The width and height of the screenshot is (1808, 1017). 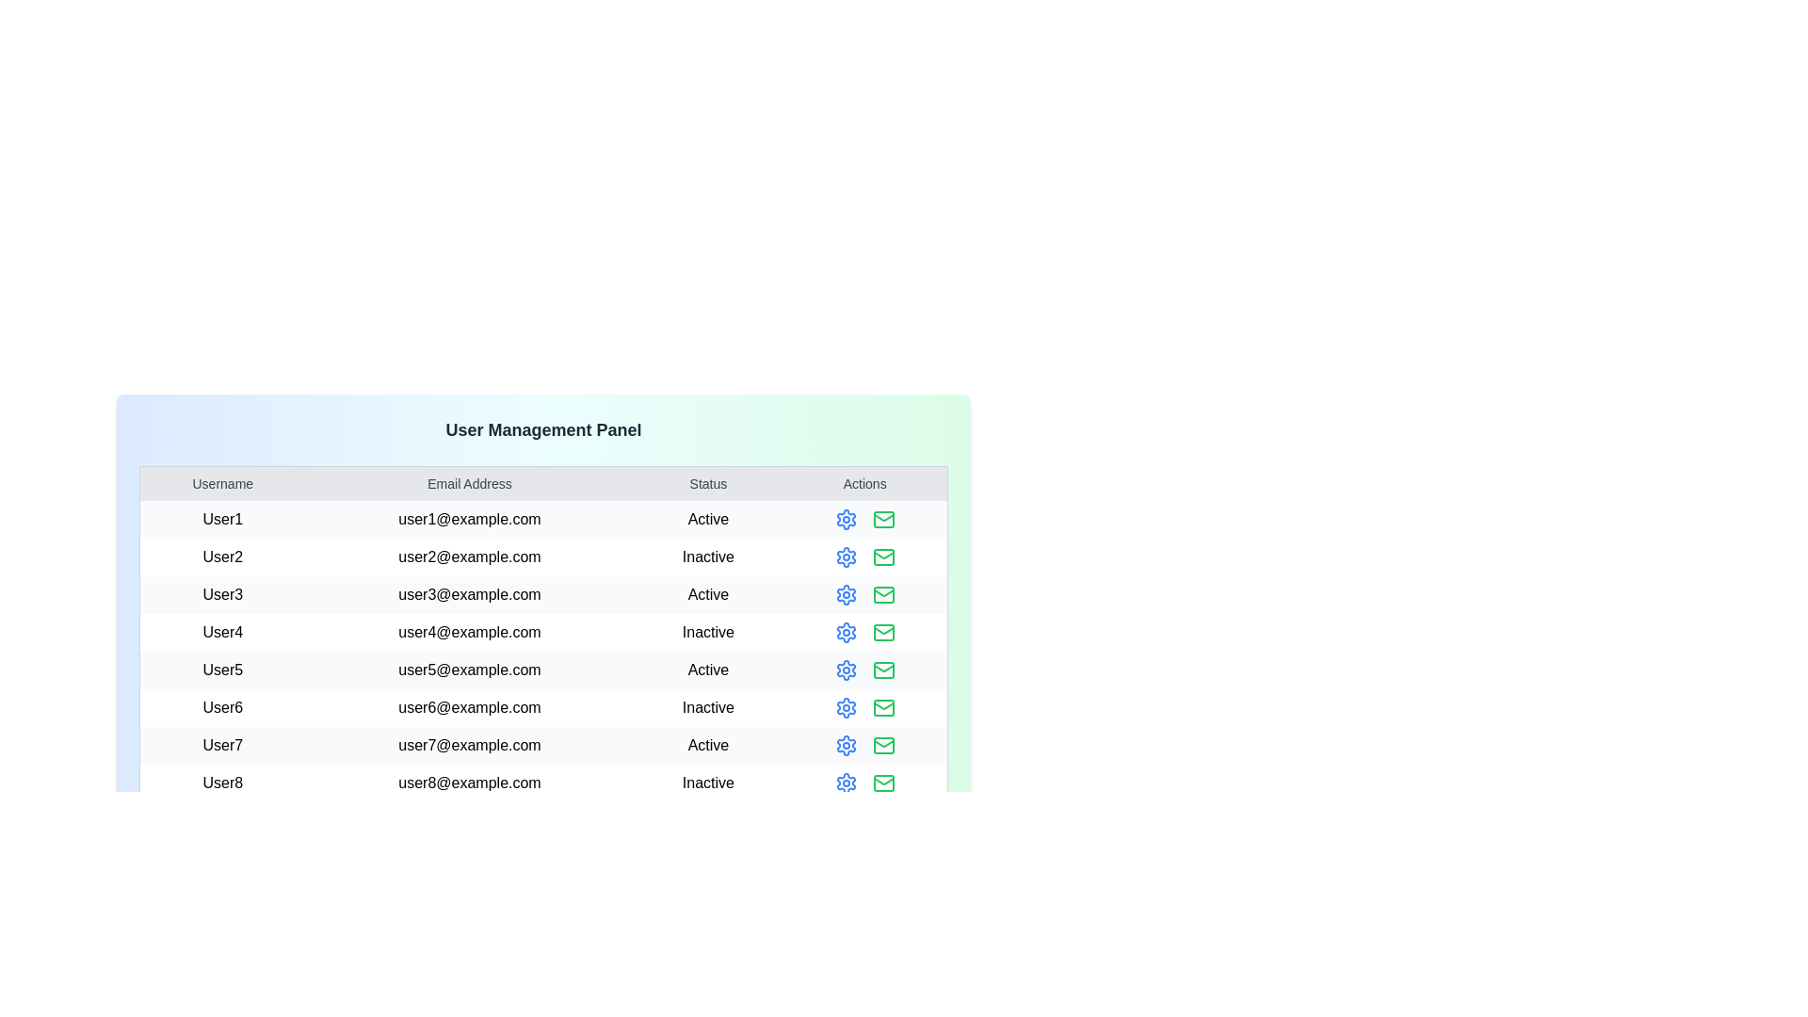 I want to click on the mail icon for the user identified by User1, so click(x=882, y=519).